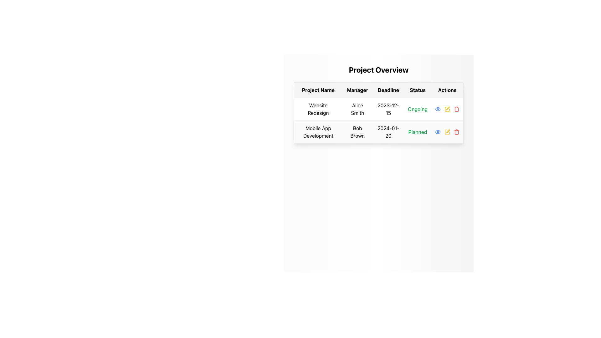  What do you see at coordinates (447, 109) in the screenshot?
I see `the edit button located in the 'Actions' column of the table under the 'Project Overview' section, which is the second icon in the row following the blue eye icon` at bounding box center [447, 109].